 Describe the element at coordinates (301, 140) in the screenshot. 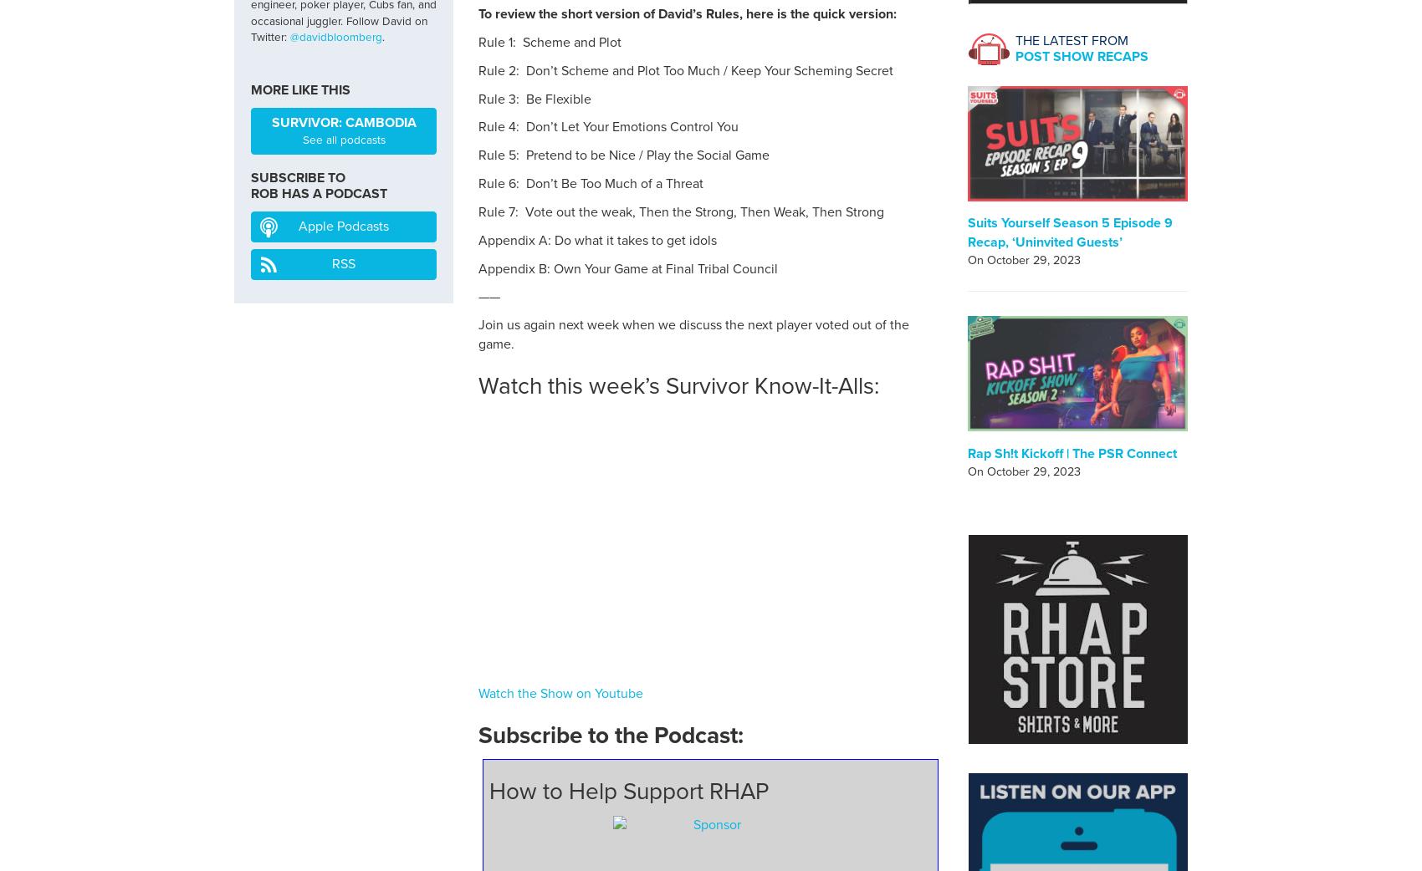

I see `'See all podcasts'` at that location.